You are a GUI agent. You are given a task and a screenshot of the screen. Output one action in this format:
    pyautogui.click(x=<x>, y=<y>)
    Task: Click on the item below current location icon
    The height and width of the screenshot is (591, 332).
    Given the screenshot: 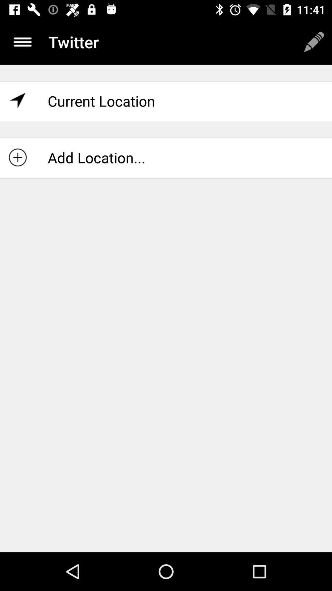 What is the action you would take?
    pyautogui.click(x=166, y=157)
    